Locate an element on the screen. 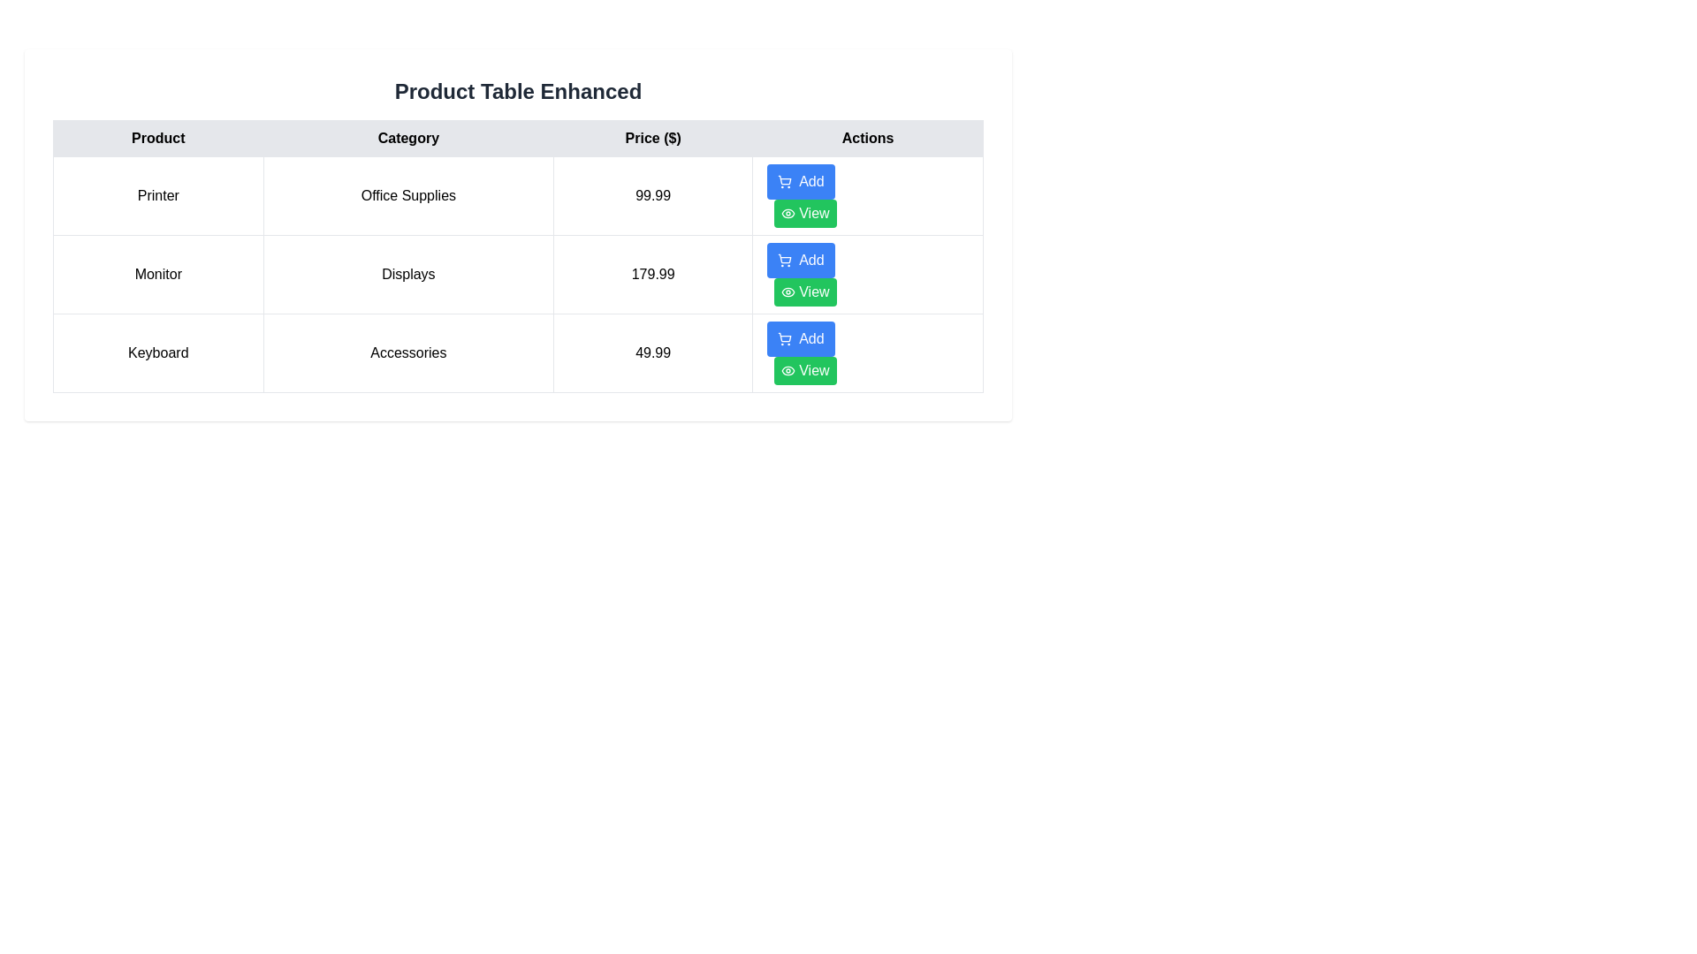 This screenshot has width=1697, height=954. the eye icon located centrally inside the 'View' button in the 'Actions' column of the 'Keyboard' row is located at coordinates (788, 370).